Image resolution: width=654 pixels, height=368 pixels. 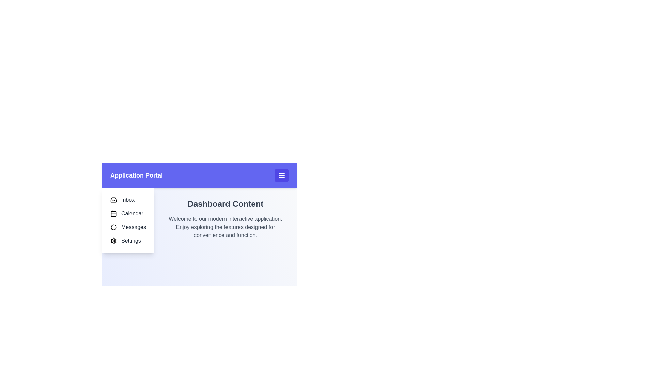 I want to click on the topmost navigation button for the Inbox section in the vertical menu, so click(x=128, y=199).